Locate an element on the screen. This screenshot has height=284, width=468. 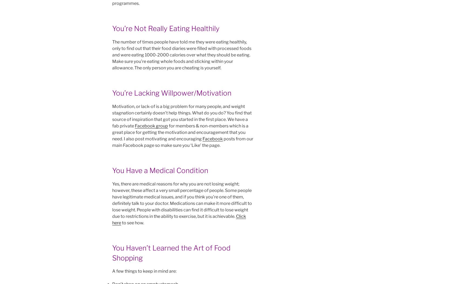
'Click here' is located at coordinates (112, 219).